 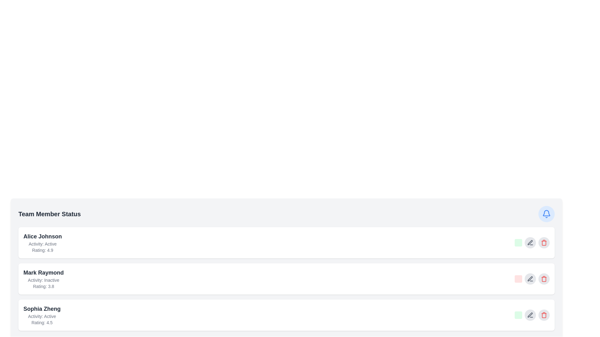 What do you see at coordinates (43, 272) in the screenshot?
I see `the static text label displaying the name 'Mark Raymond', which is located in the 'Team Member Status' list, specifically in the second position, indicating significance with its bold, large font` at bounding box center [43, 272].